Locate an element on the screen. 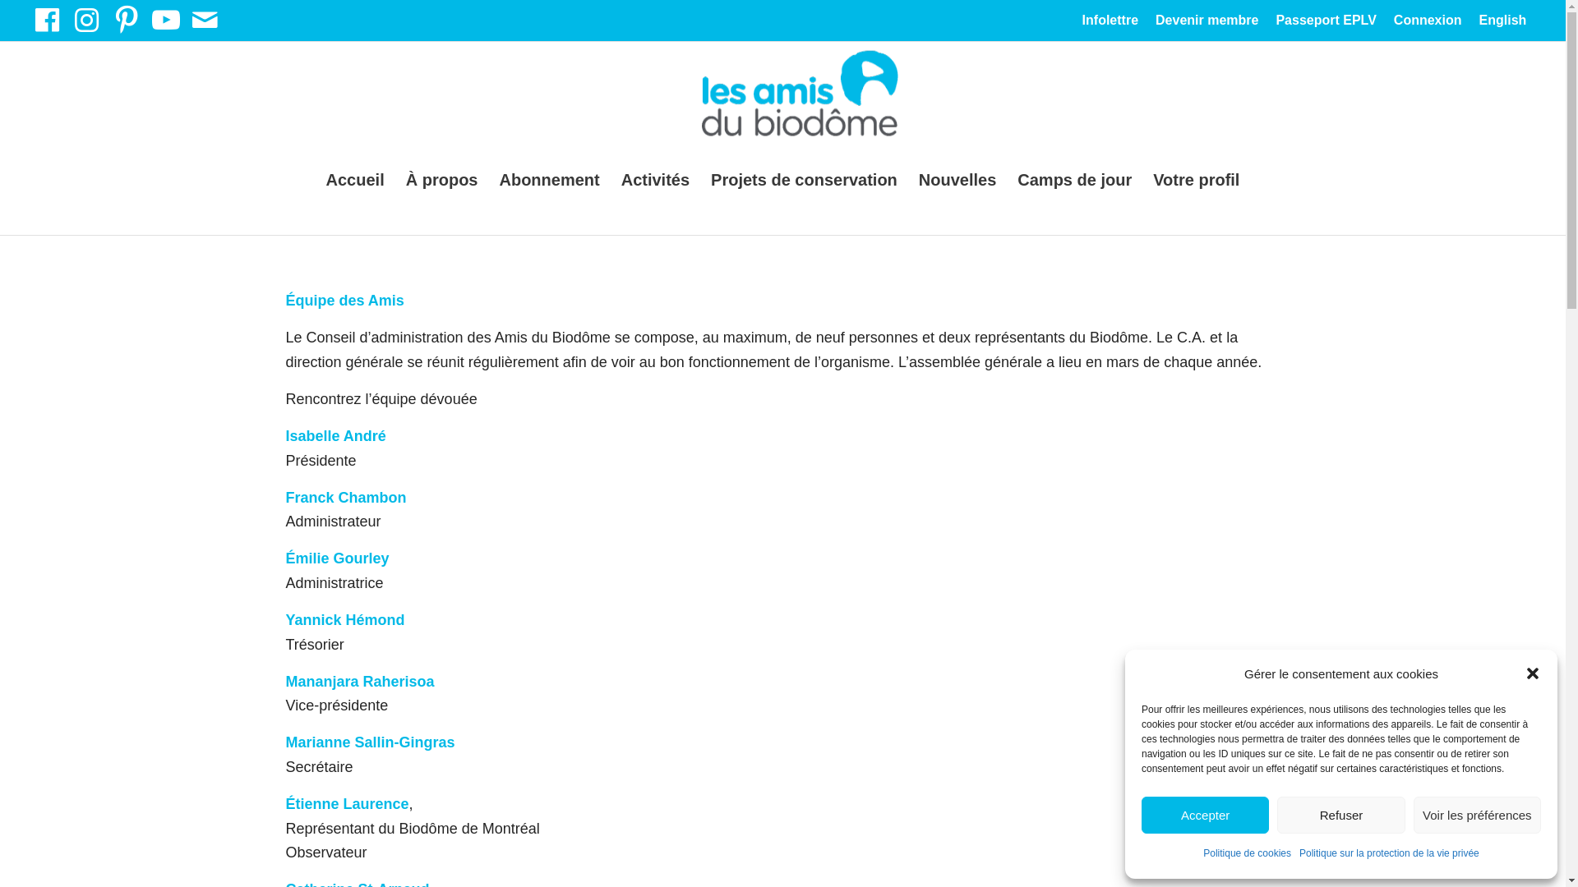 The width and height of the screenshot is (1578, 887). 'Instagram' is located at coordinates (85, 19).